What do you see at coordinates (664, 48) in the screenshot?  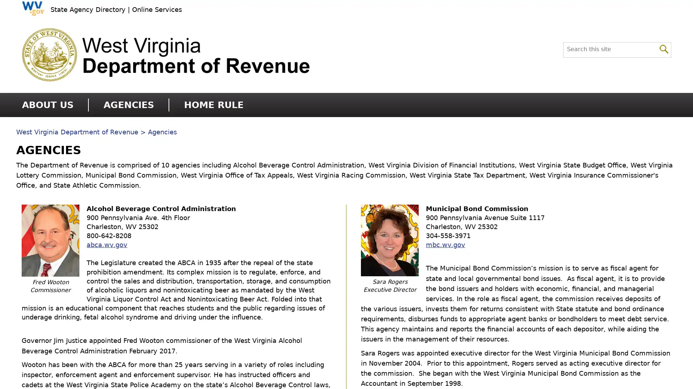 I see `Search` at bounding box center [664, 48].